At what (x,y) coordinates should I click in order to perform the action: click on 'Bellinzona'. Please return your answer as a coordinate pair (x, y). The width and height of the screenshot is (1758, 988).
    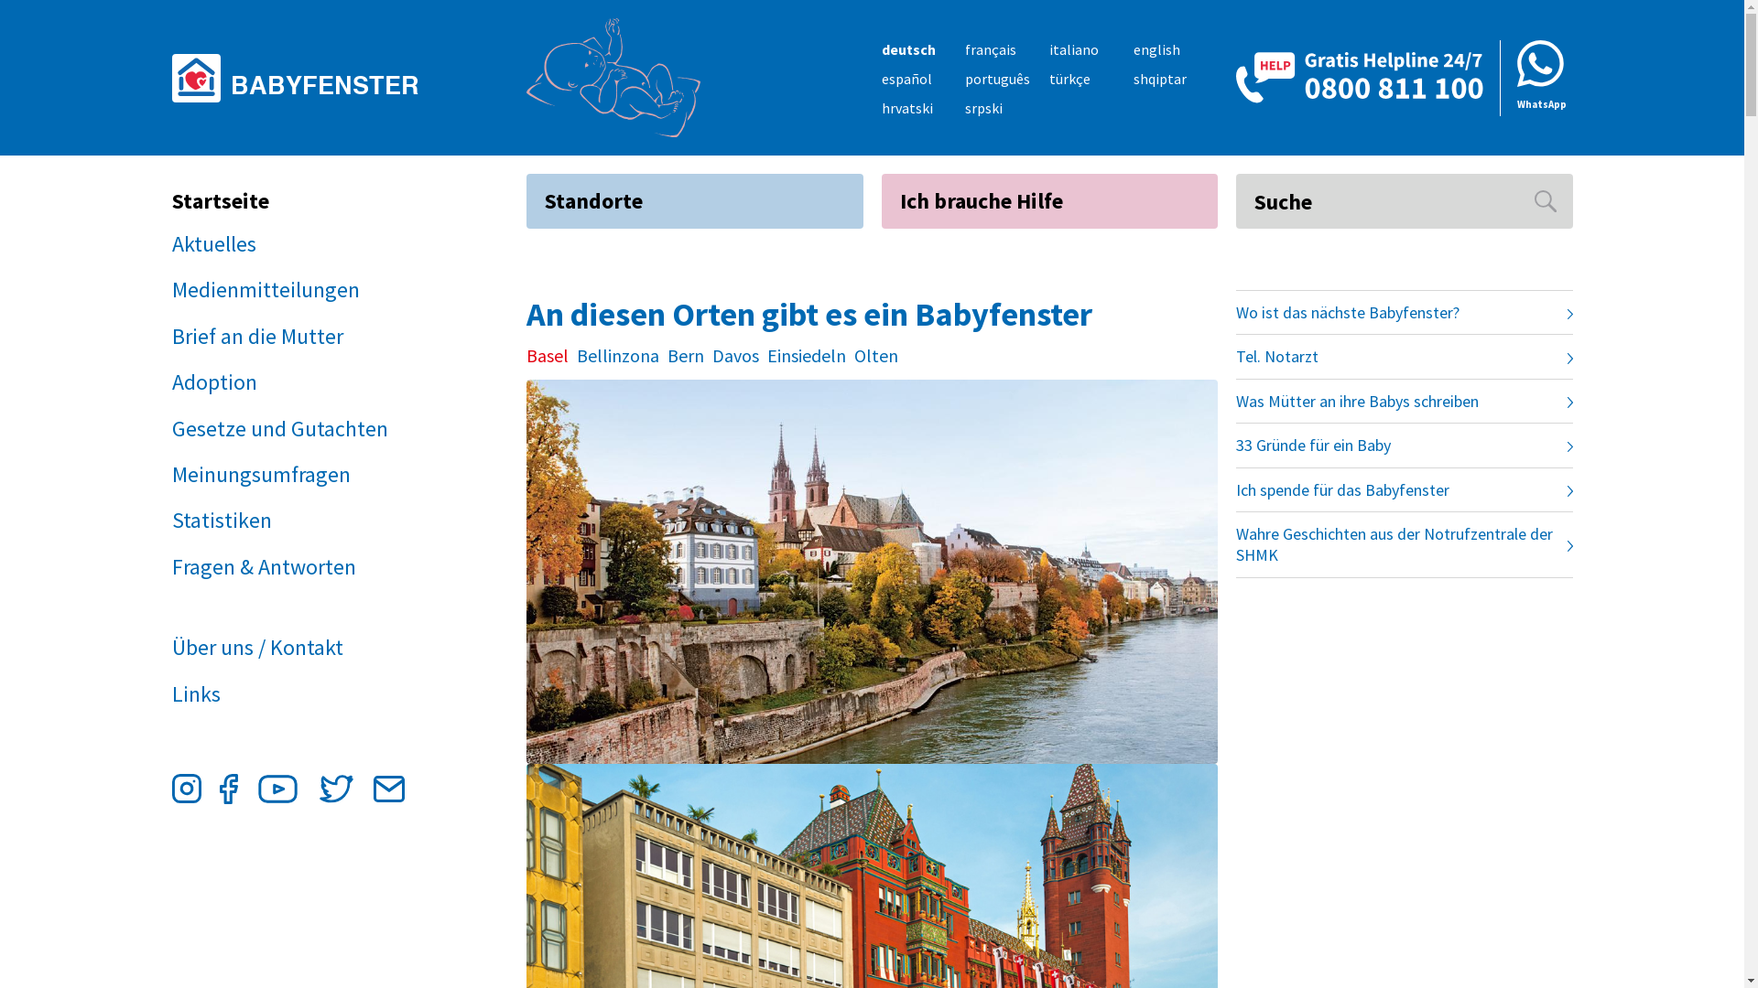
    Looking at the image, I should click on (618, 356).